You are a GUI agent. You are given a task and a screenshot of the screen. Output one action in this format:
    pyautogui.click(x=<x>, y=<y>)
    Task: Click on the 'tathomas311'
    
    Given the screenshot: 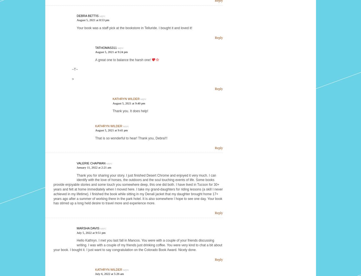 What is the action you would take?
    pyautogui.click(x=106, y=47)
    